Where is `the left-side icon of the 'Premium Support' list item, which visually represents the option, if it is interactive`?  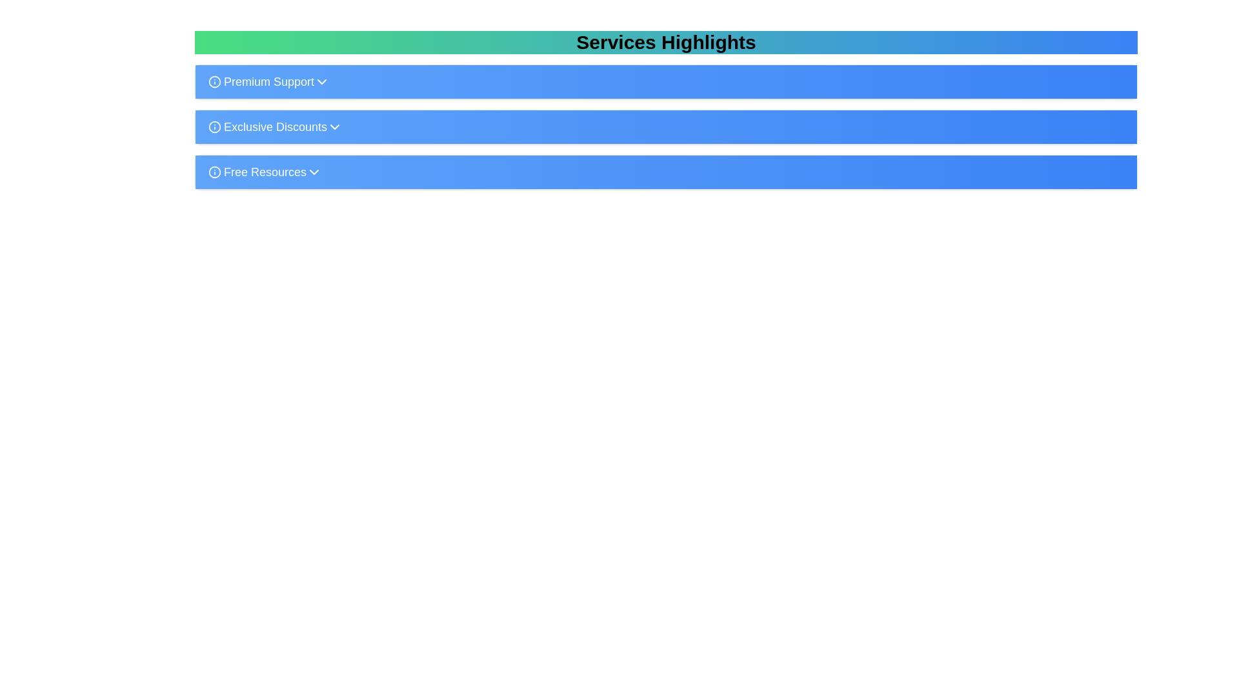 the left-side icon of the 'Premium Support' list item, which visually represents the option, if it is interactive is located at coordinates (214, 81).